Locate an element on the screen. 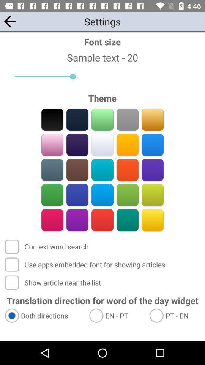 The image size is (205, 365). this color is located at coordinates (102, 170).